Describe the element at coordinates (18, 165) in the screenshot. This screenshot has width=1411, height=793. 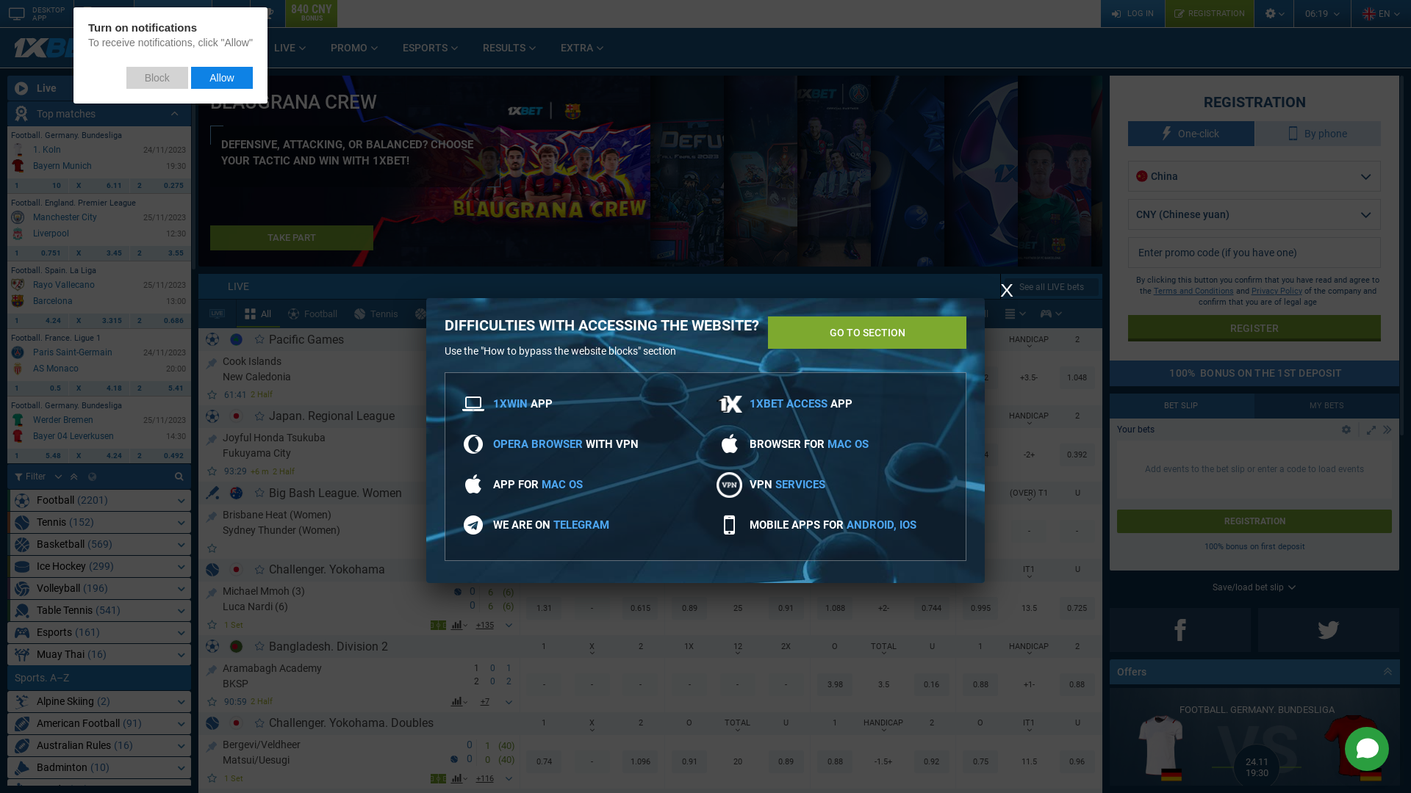
I see `'Bayern Munich. Munich'` at that location.